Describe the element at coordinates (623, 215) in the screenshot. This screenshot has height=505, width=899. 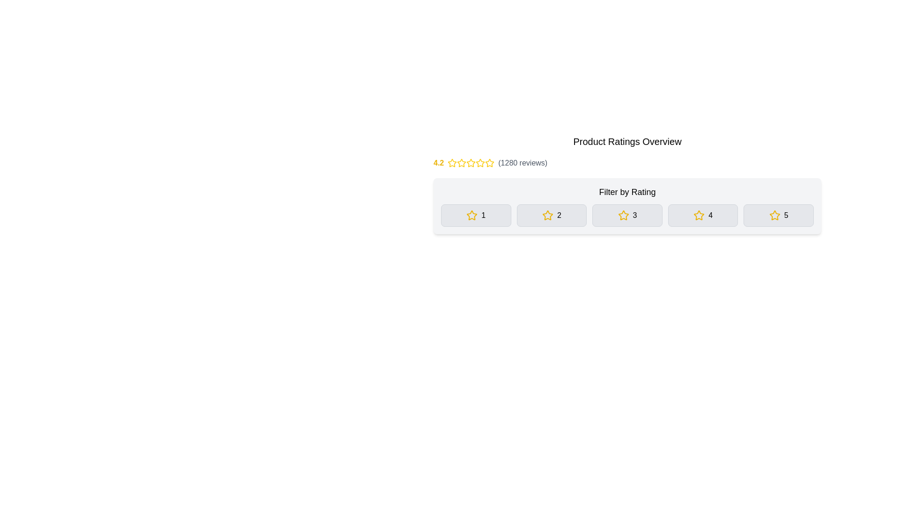
I see `the third star icon button in the rating filter section to filter and display items or reviews with a rating of three stars` at that location.